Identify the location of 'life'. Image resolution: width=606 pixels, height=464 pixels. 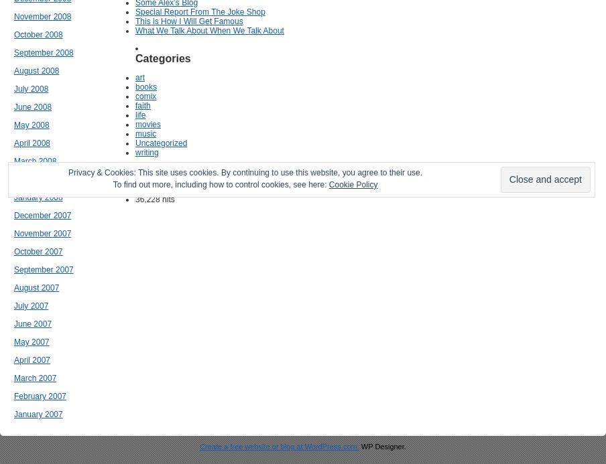
(140, 114).